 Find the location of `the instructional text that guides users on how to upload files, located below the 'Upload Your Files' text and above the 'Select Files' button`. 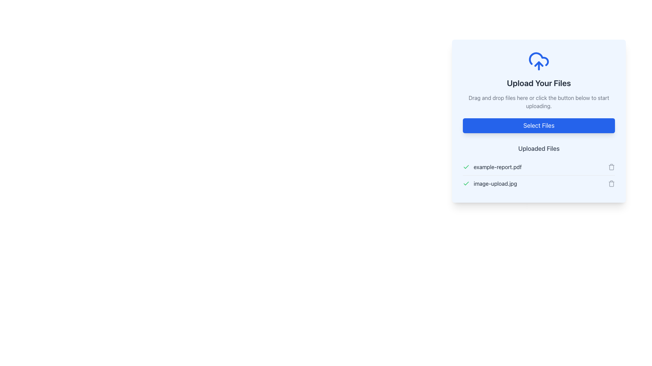

the instructional text that guides users on how to upload files, located below the 'Upload Your Files' text and above the 'Select Files' button is located at coordinates (539, 102).